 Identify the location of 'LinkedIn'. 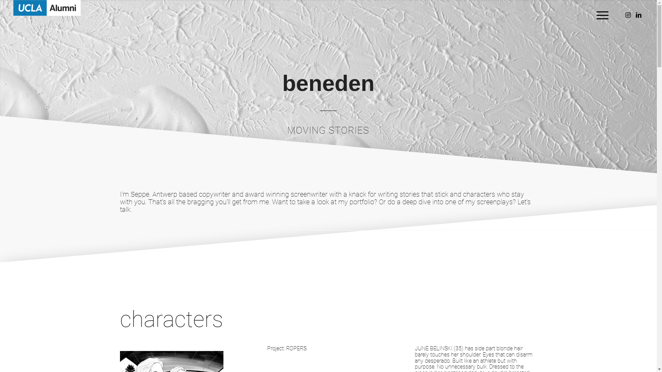
(638, 15).